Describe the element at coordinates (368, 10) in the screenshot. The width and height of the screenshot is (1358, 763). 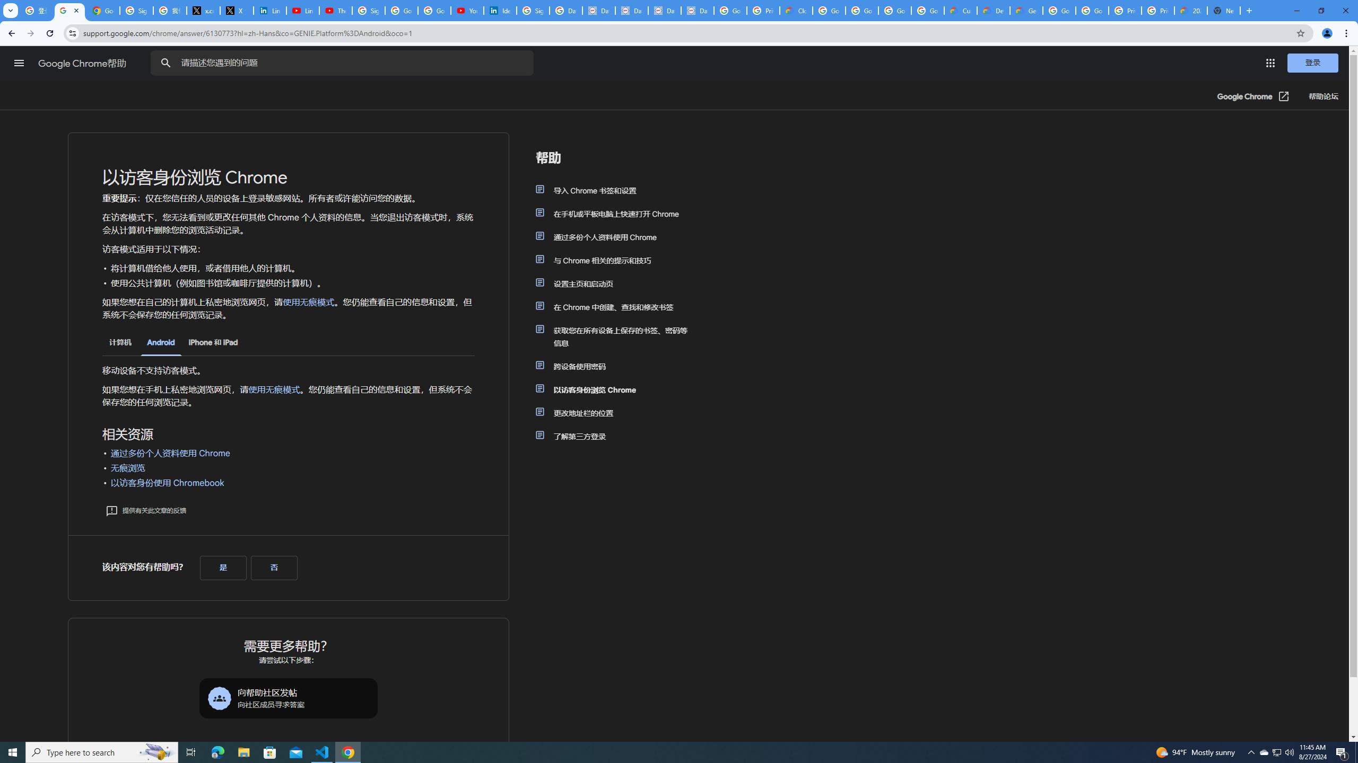
I see `'Sign in - Google Accounts'` at that location.